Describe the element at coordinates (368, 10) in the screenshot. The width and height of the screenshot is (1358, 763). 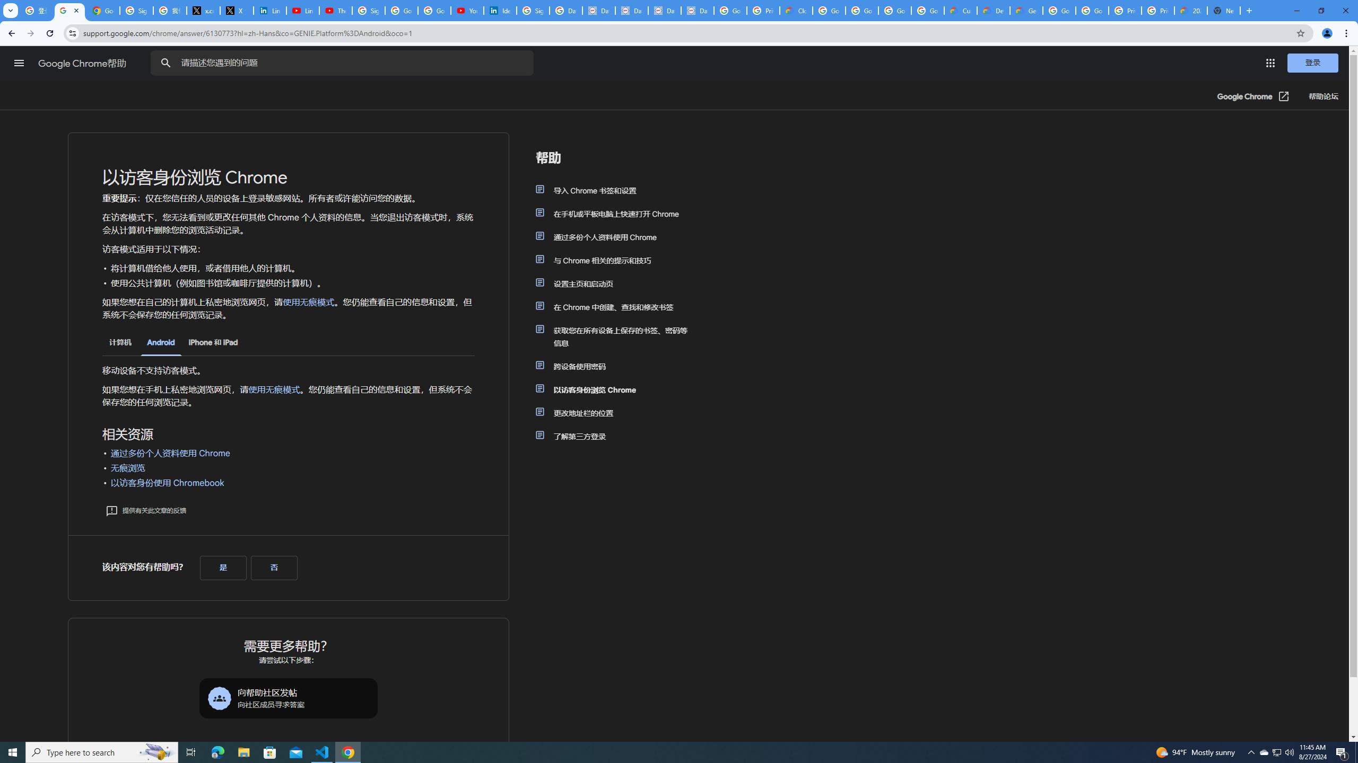
I see `'Sign in - Google Accounts'` at that location.